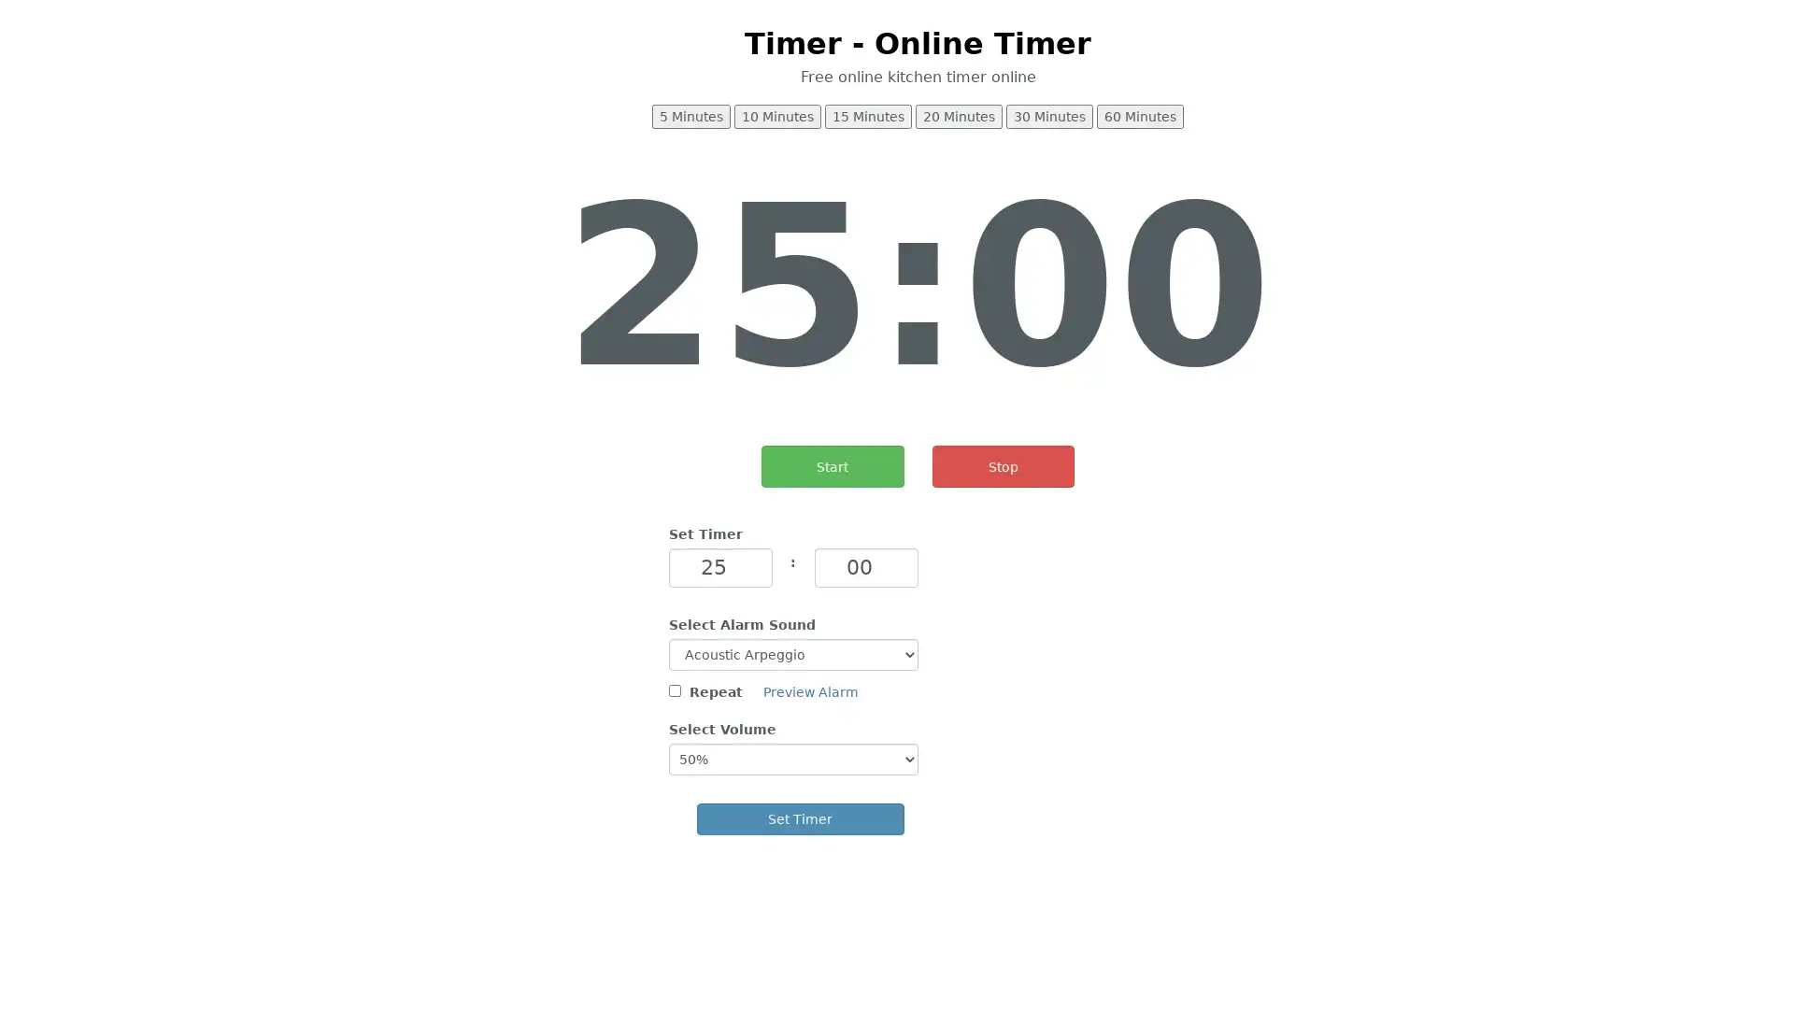 The image size is (1794, 1009). Describe the element at coordinates (867, 115) in the screenshot. I see `15 Minutes` at that location.